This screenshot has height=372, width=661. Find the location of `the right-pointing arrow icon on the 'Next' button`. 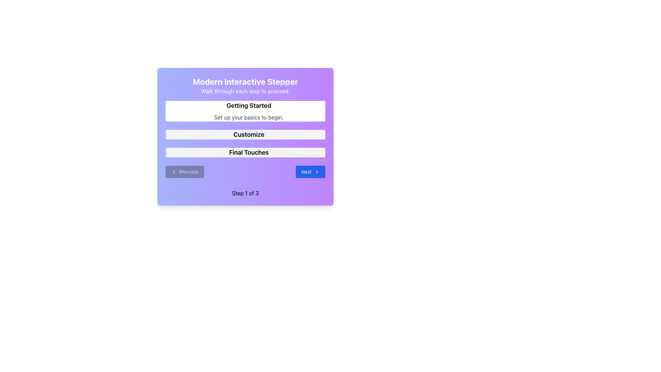

the right-pointing arrow icon on the 'Next' button is located at coordinates (317, 171).